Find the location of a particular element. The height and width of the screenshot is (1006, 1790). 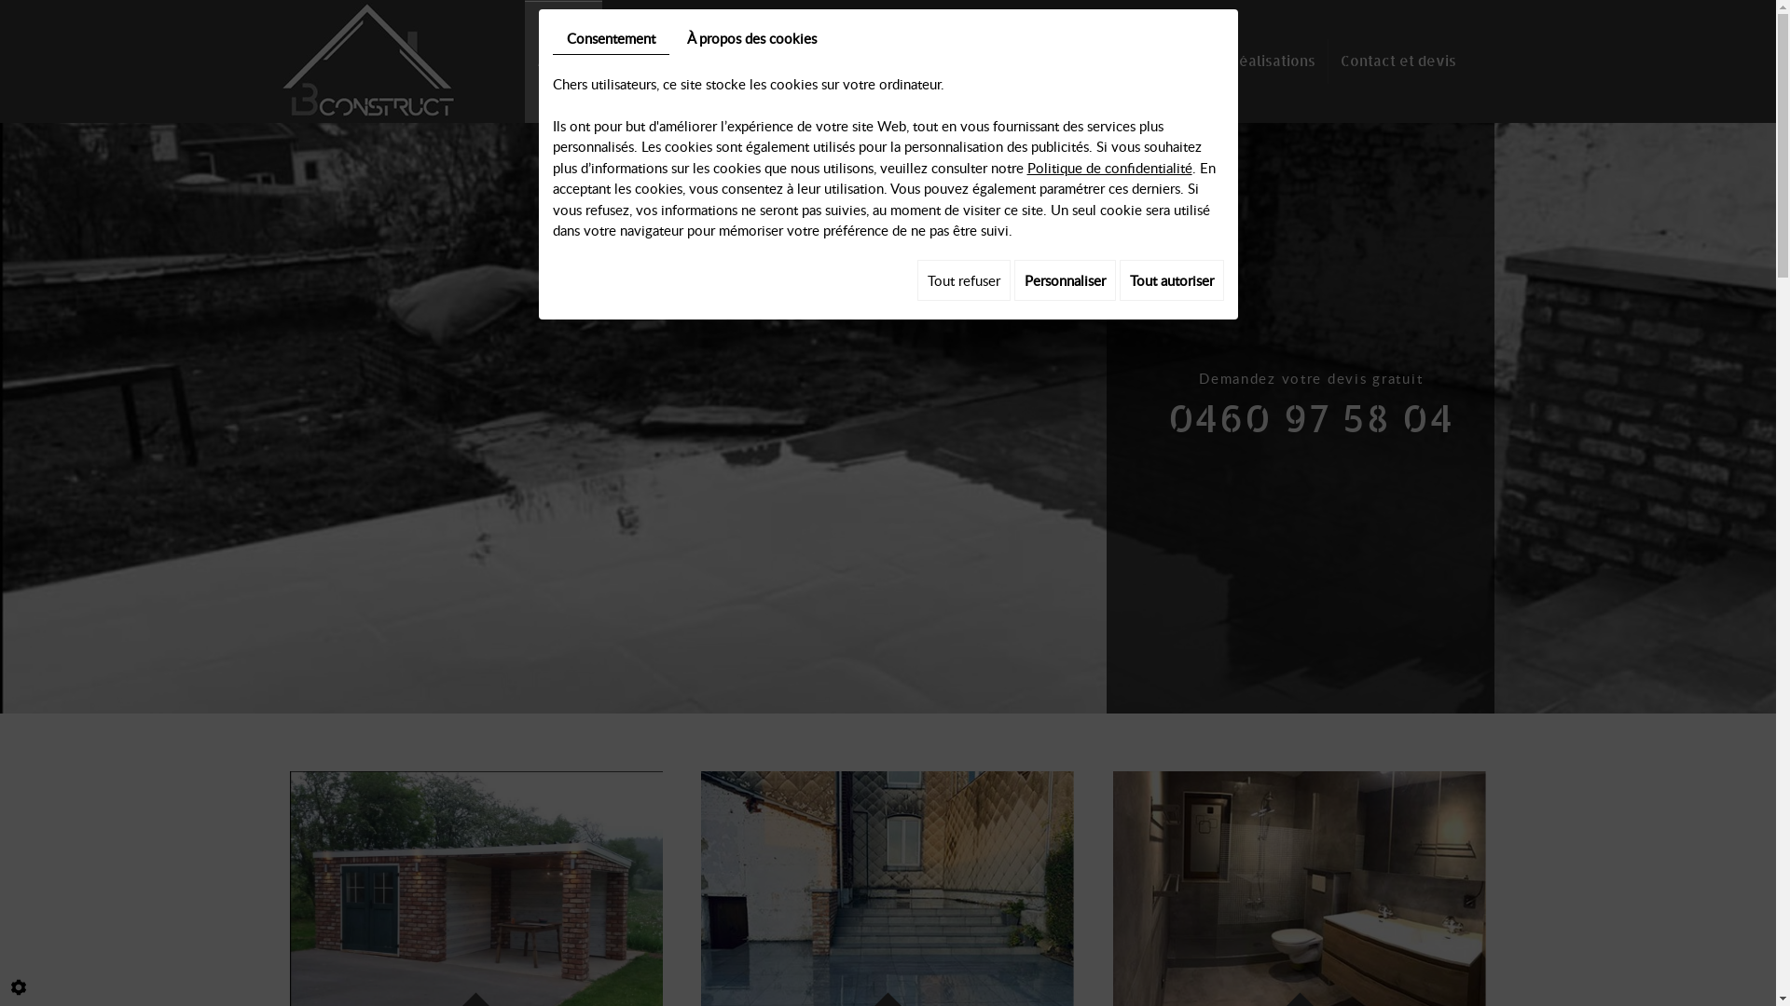

'Construction' is located at coordinates (602, 60).